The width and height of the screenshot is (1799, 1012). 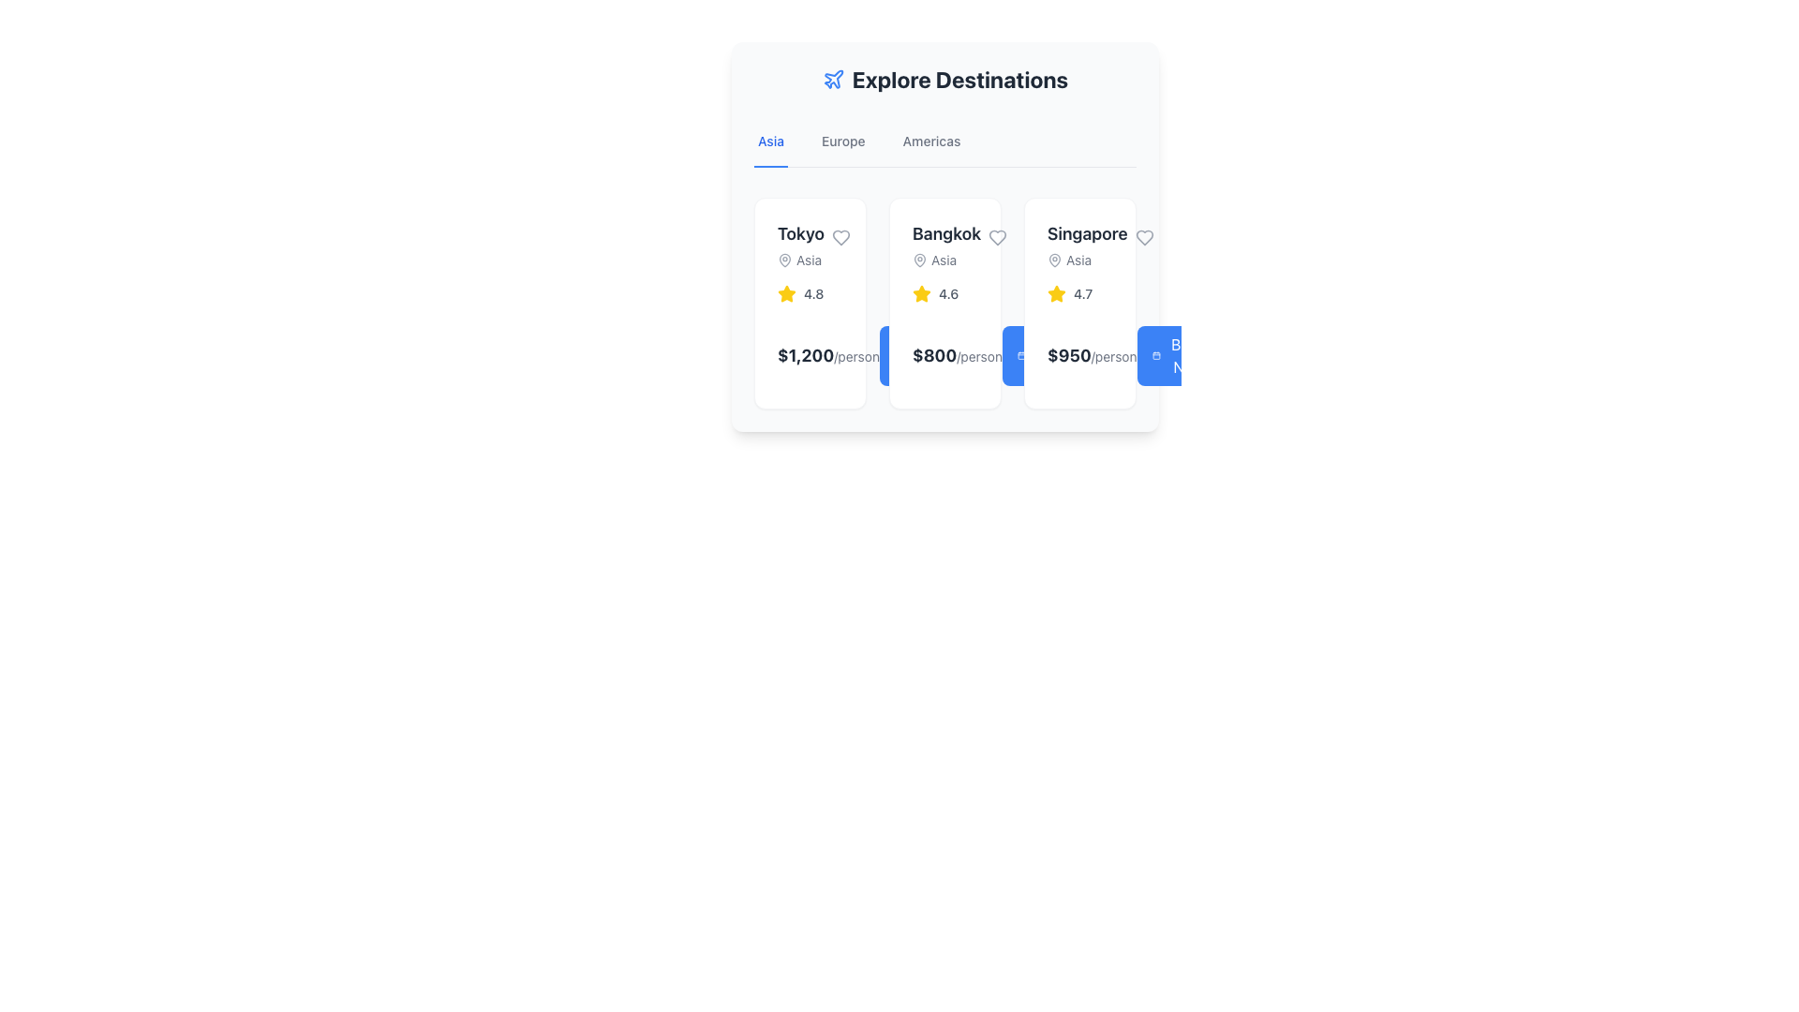 What do you see at coordinates (1055, 260) in the screenshot?
I see `the map pin icon located above the 'Asia' text and beside the Singapore destination title in the 'Explore Destinations' card` at bounding box center [1055, 260].